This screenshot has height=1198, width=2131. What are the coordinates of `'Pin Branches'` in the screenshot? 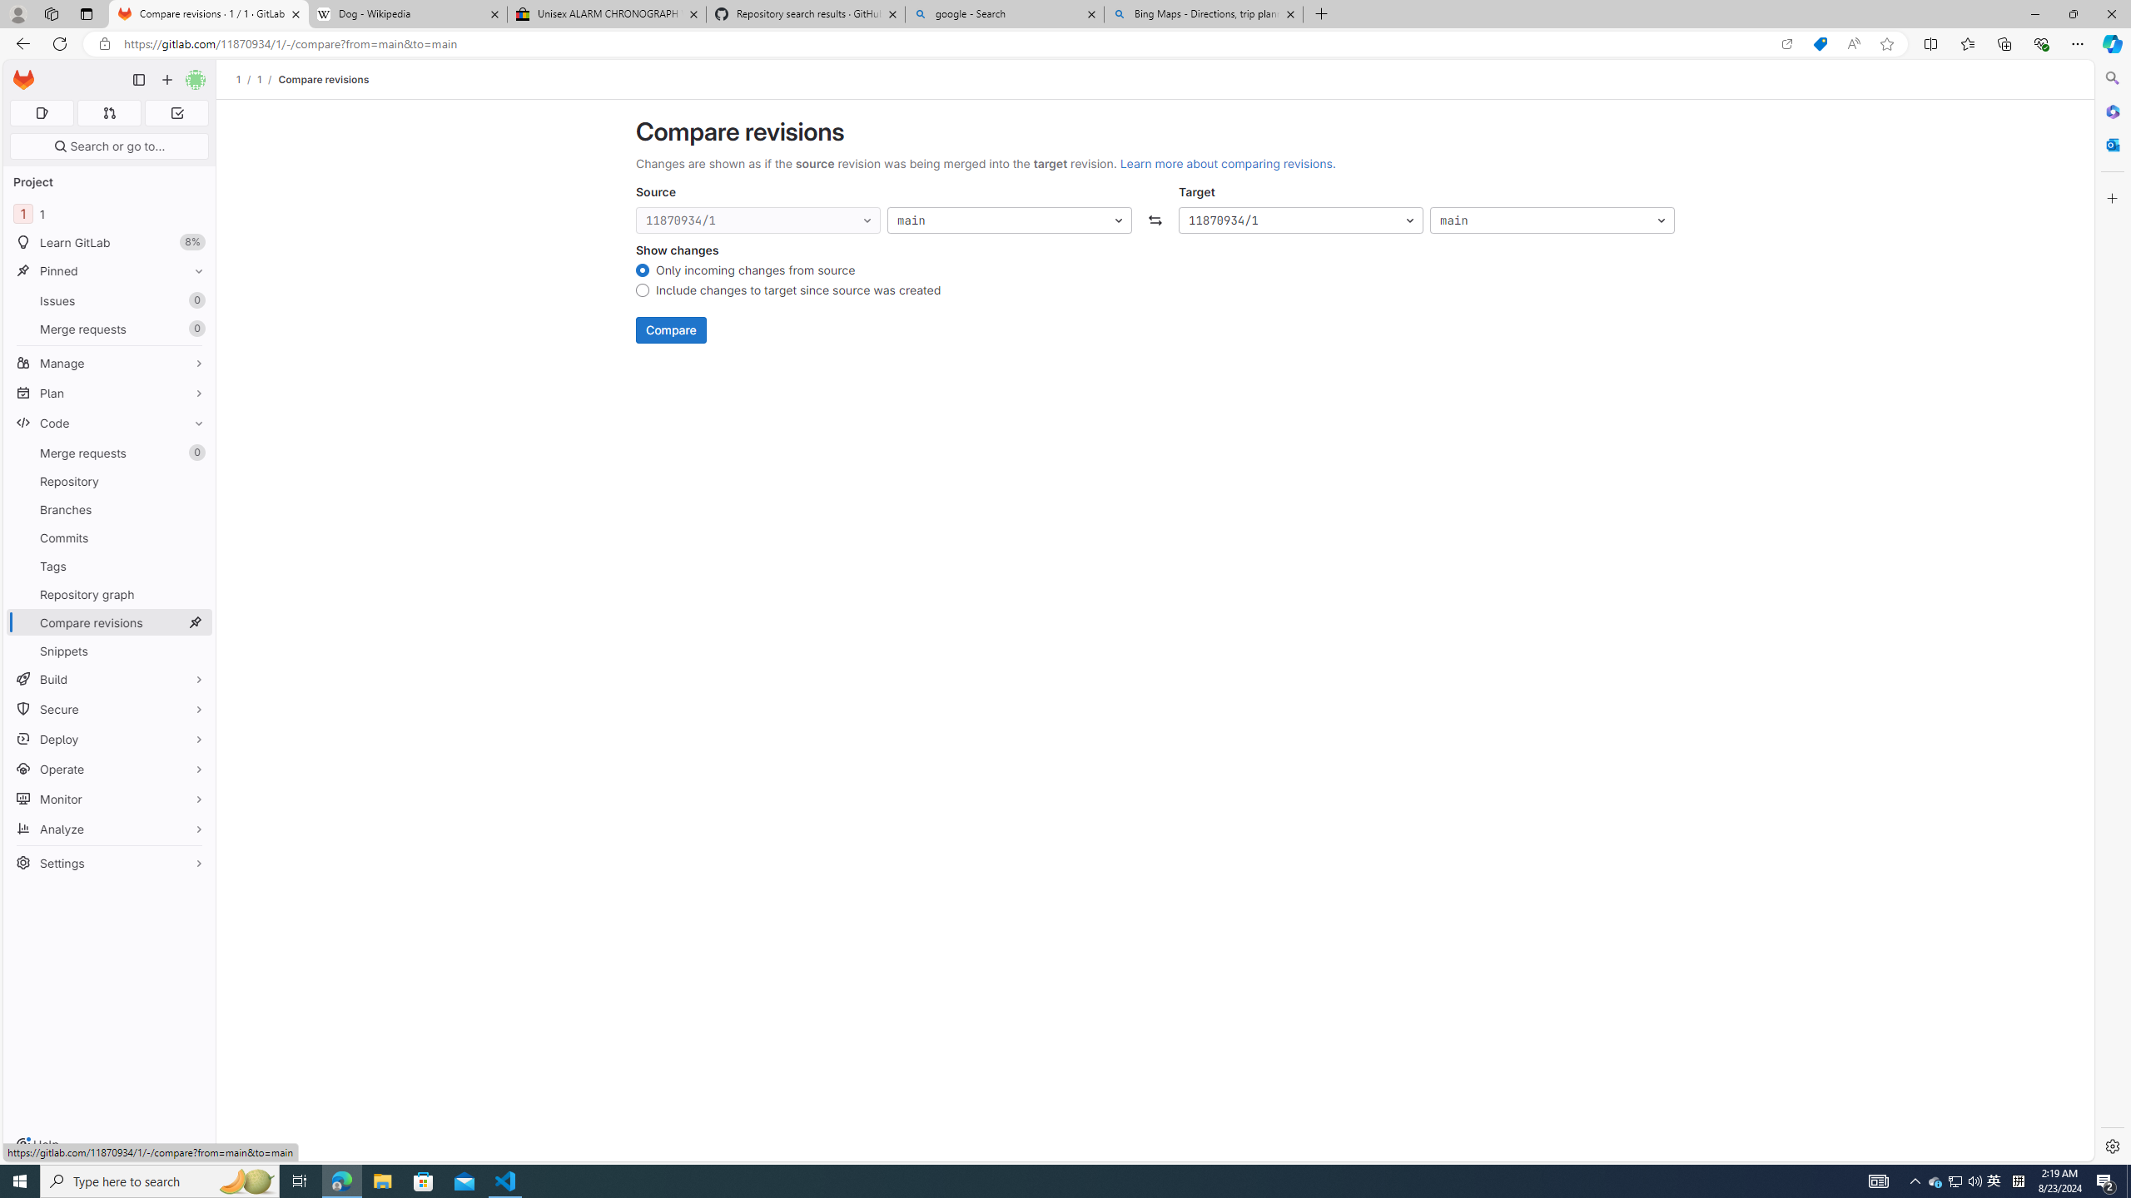 It's located at (194, 509).